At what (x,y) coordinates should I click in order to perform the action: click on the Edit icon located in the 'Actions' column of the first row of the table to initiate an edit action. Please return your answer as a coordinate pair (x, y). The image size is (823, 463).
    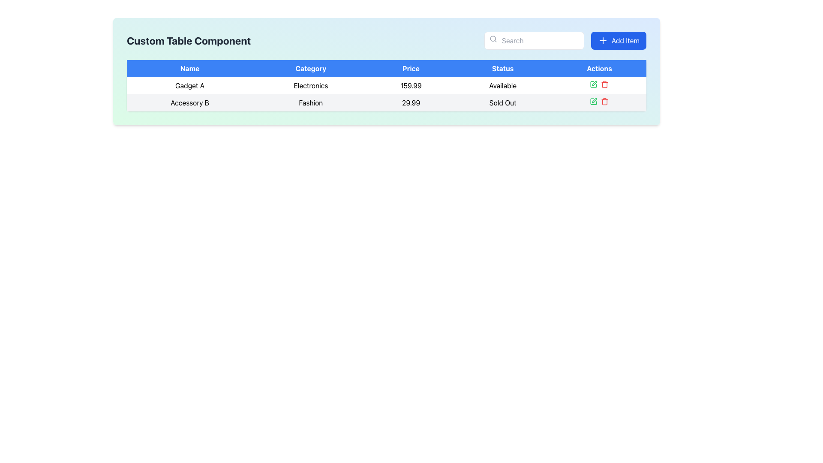
    Looking at the image, I should click on (593, 84).